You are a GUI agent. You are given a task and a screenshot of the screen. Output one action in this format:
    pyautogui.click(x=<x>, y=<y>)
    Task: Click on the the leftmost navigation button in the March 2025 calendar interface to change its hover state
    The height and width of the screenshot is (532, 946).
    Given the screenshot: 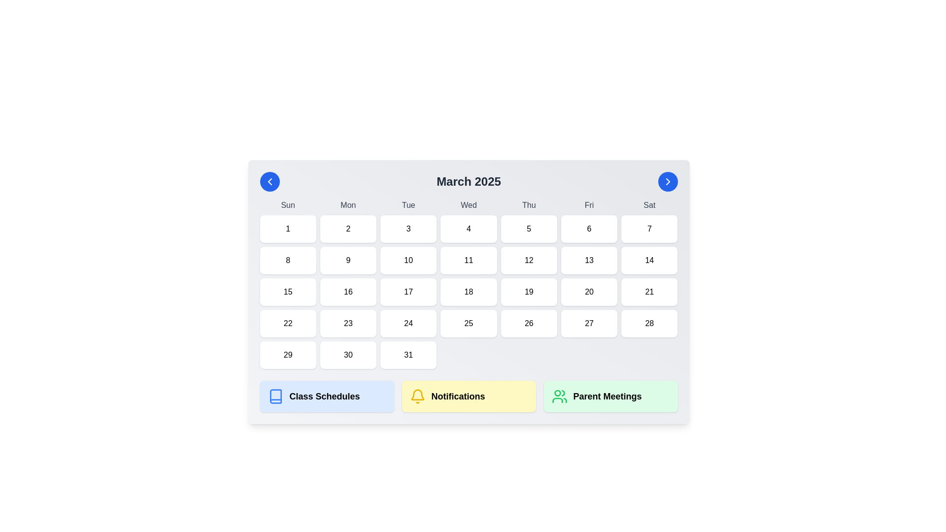 What is the action you would take?
    pyautogui.click(x=270, y=182)
    